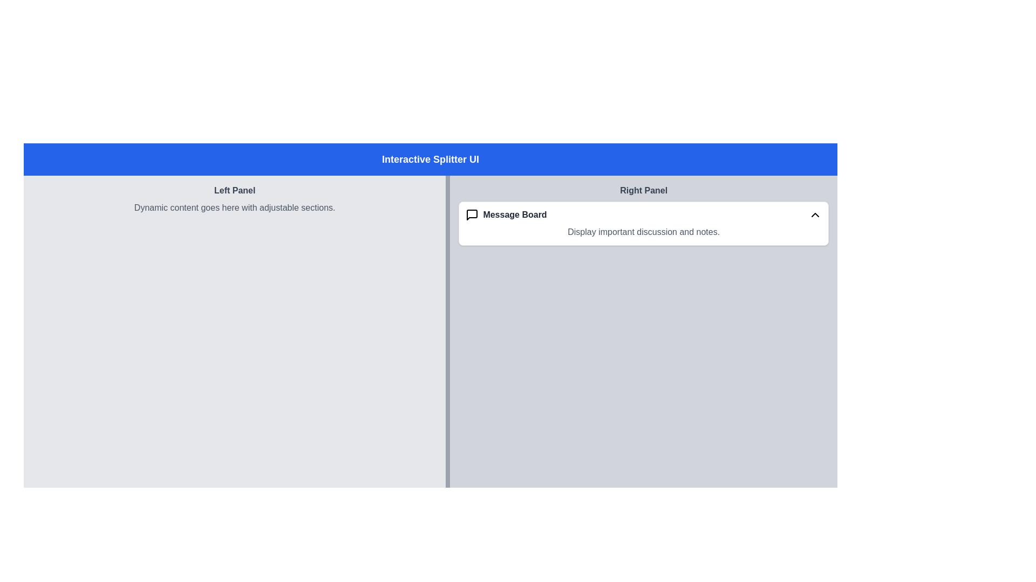 This screenshot has width=1036, height=582. Describe the element at coordinates (472, 214) in the screenshot. I see `the message icon that represents the 'Message Board', located at the left side of the text 'Message Board'` at that location.